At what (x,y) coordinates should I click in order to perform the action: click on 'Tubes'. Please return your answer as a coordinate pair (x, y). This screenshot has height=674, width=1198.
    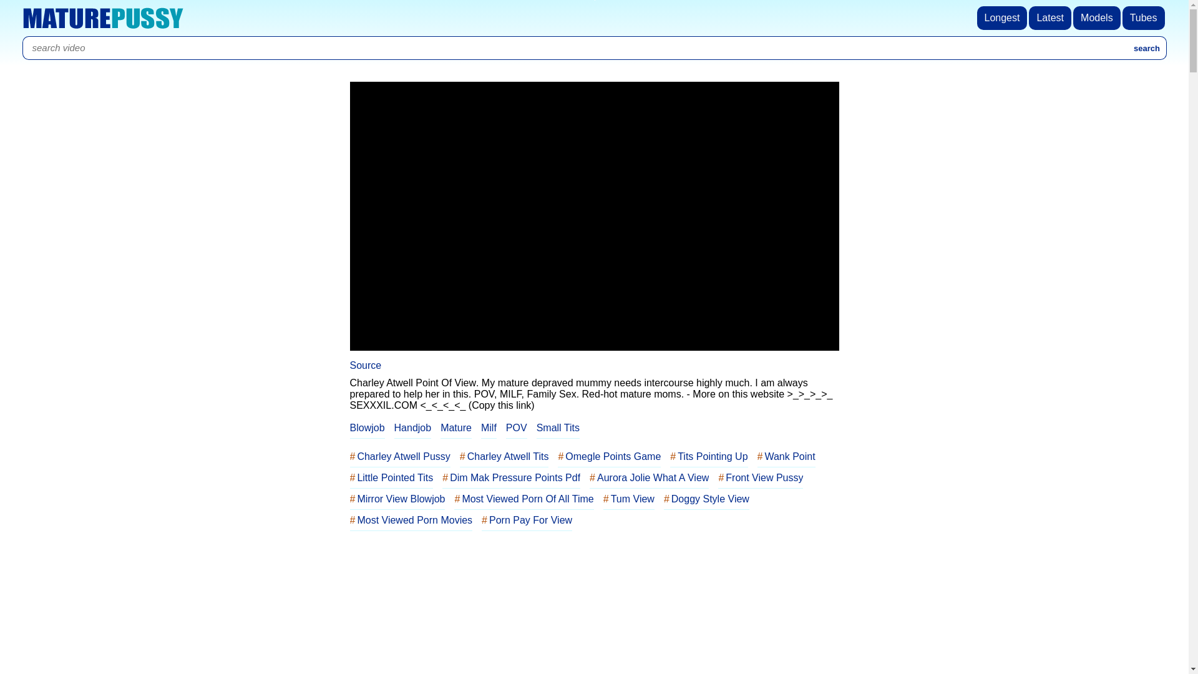
    Looking at the image, I should click on (1123, 18).